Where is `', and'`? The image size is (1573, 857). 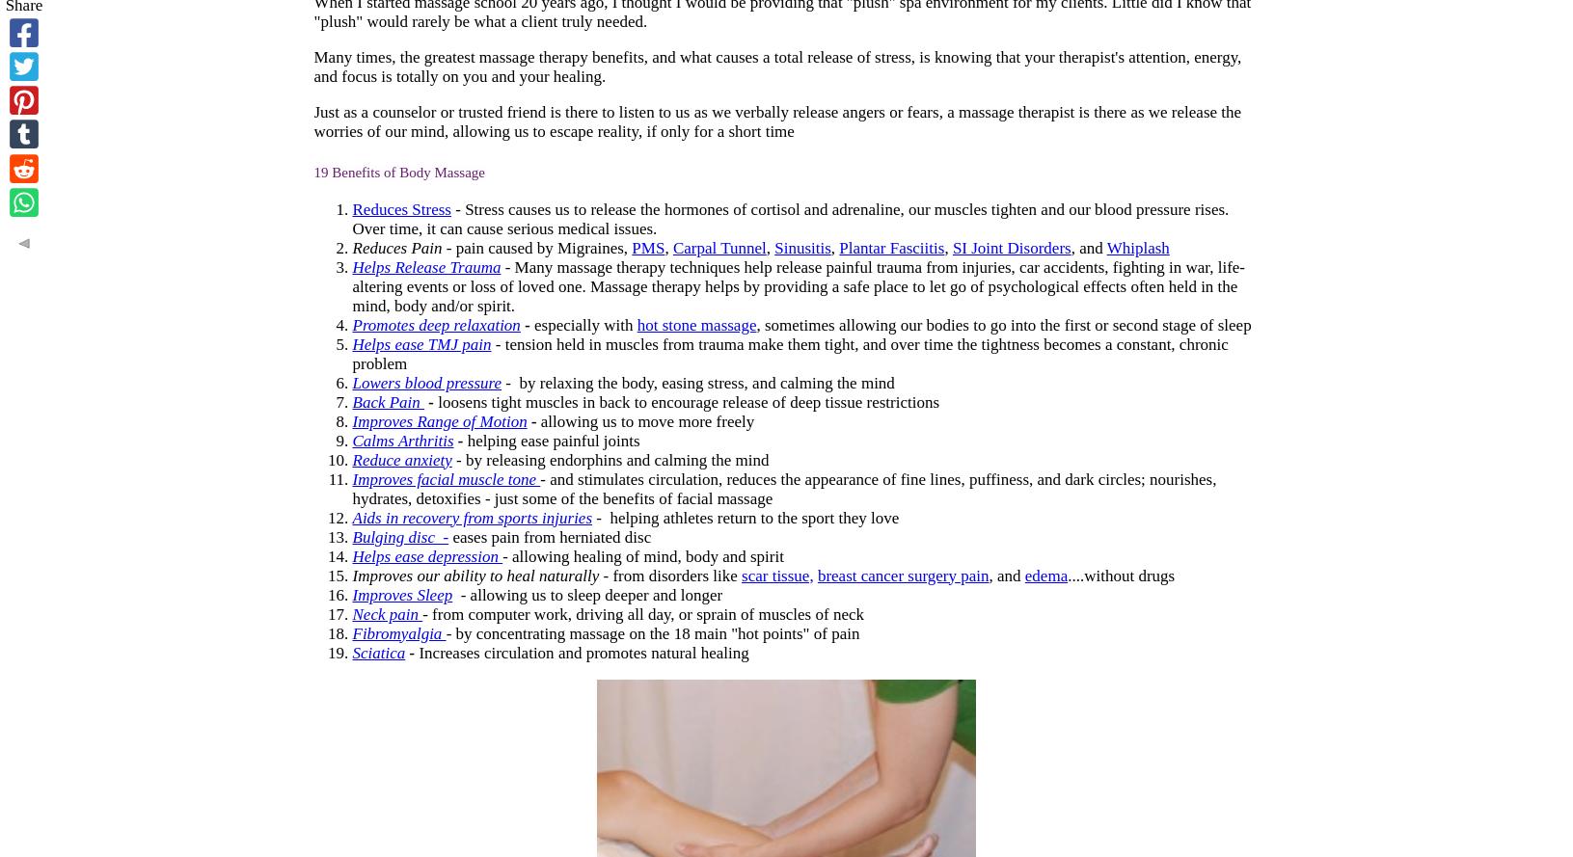
', and' is located at coordinates (1005, 574).